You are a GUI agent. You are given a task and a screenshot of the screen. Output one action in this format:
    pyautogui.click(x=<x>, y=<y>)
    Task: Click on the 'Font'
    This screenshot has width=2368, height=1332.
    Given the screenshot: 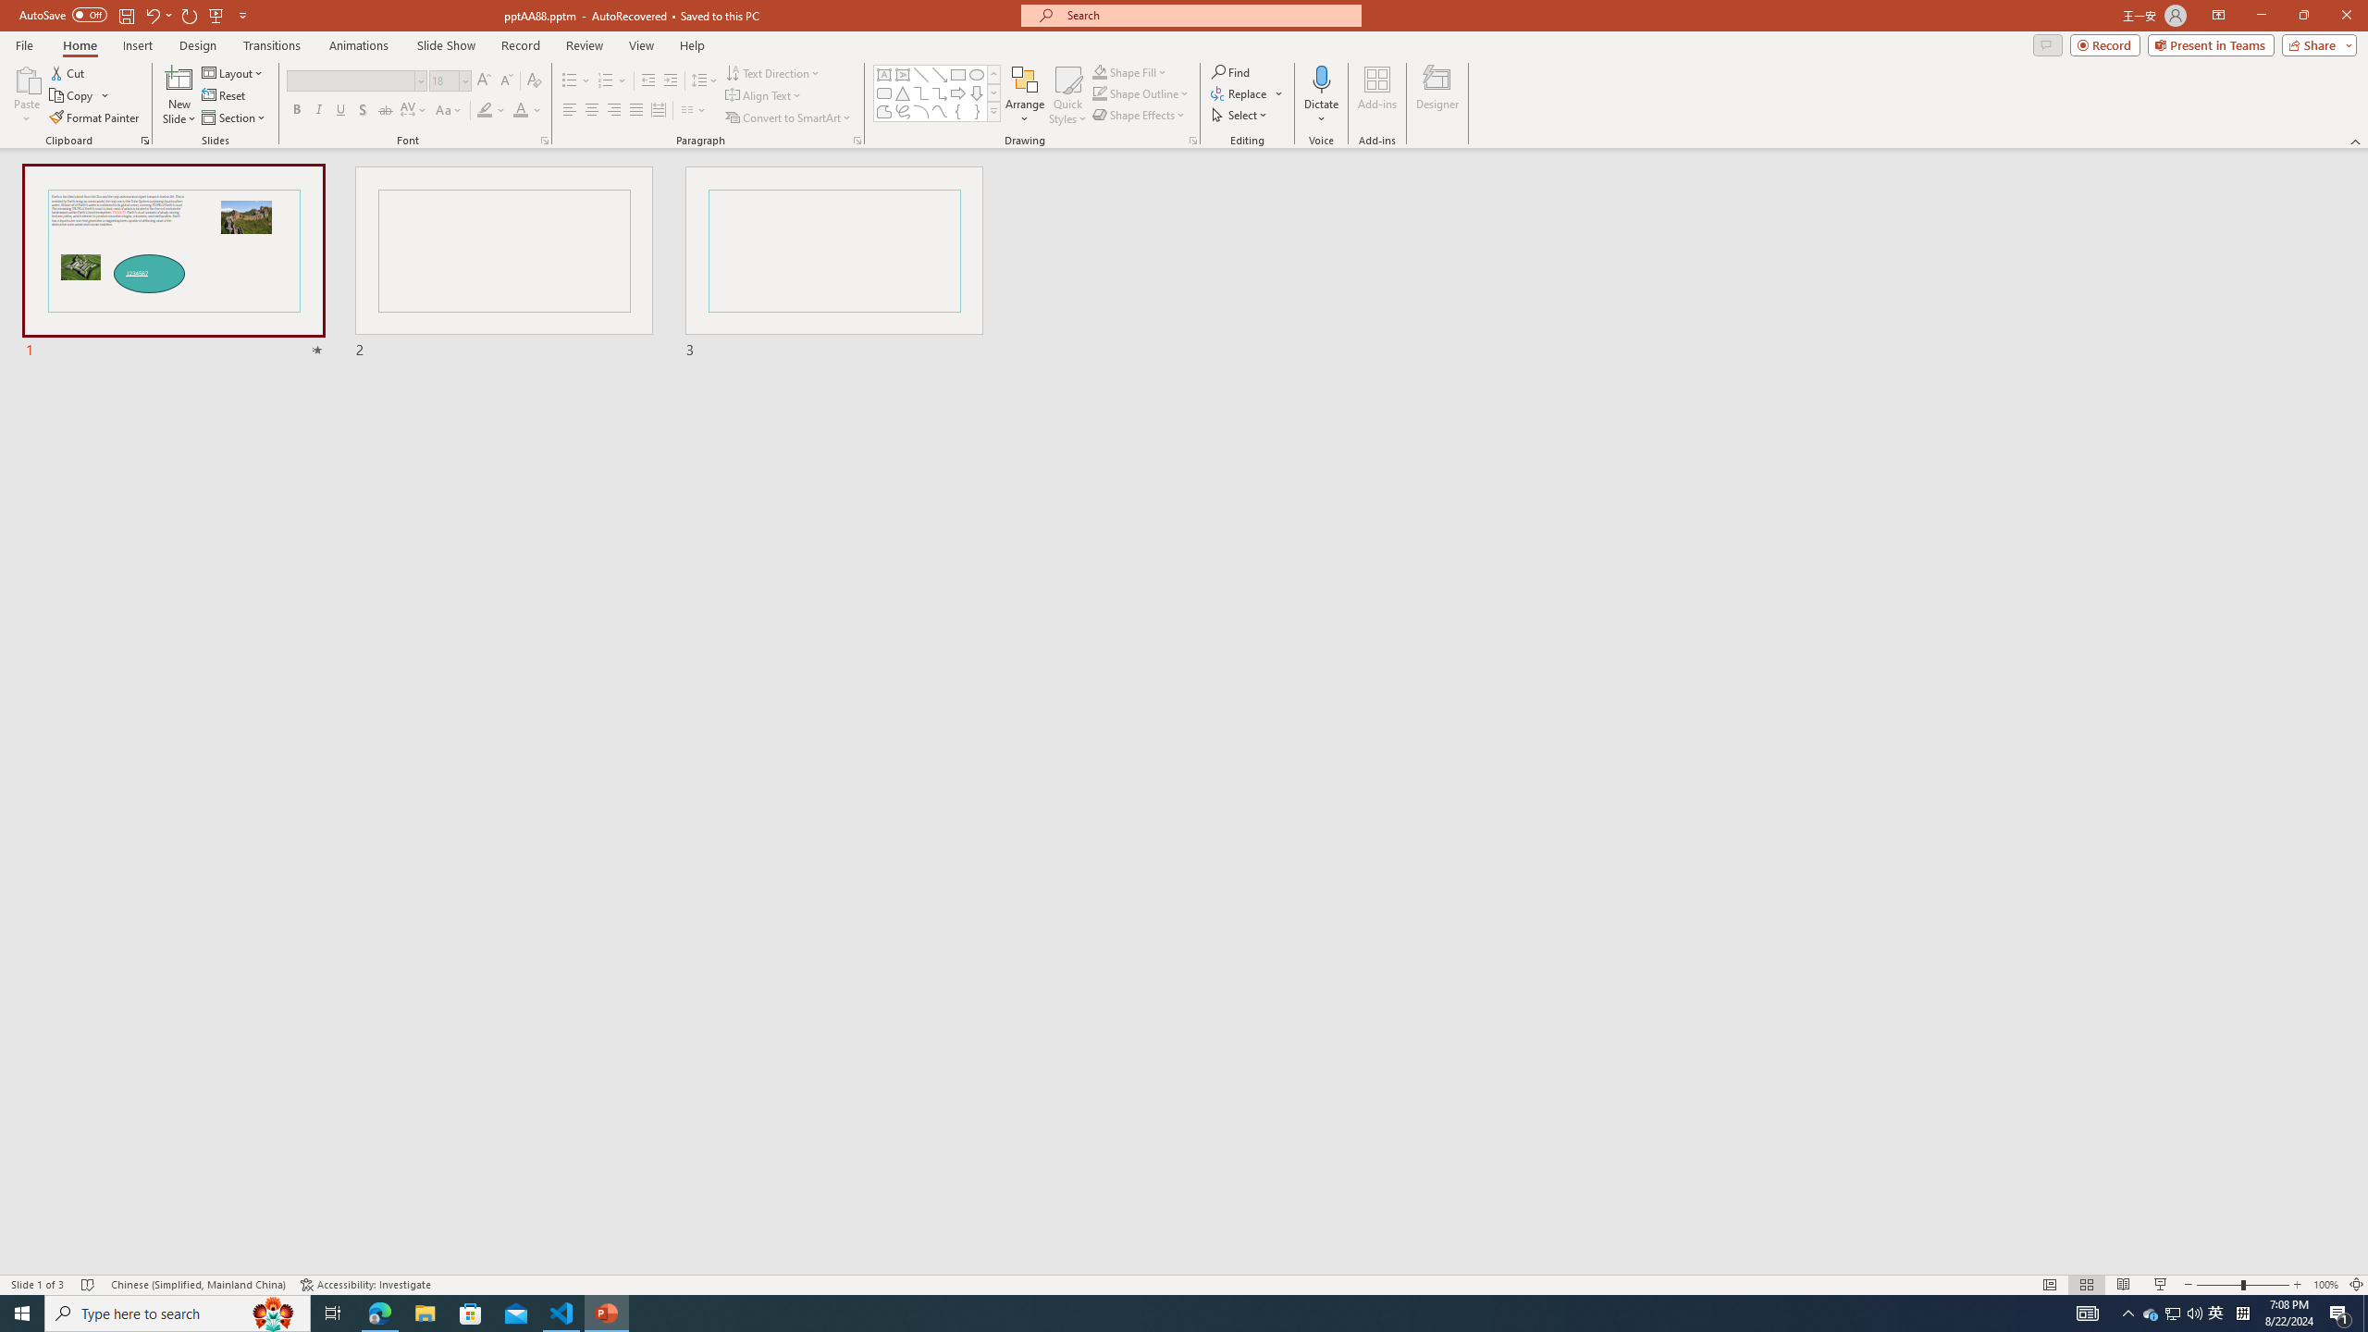 What is the action you would take?
    pyautogui.click(x=355, y=80)
    